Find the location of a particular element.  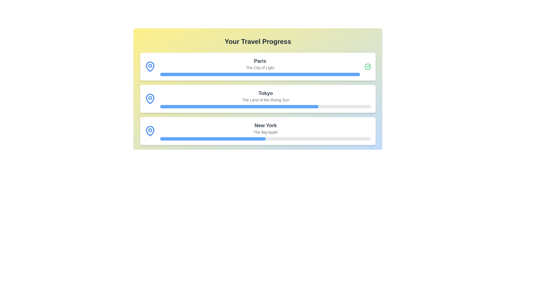

and interpret the text displayed in the bold, dark-gray 'New York' text label located in the third section of the vertically stacked list, below 'Tokyo' is located at coordinates (265, 125).